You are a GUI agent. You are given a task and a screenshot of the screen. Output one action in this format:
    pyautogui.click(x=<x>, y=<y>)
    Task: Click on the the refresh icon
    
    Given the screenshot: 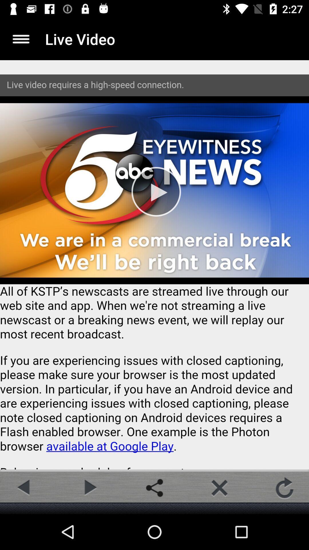 What is the action you would take?
    pyautogui.click(x=284, y=488)
    